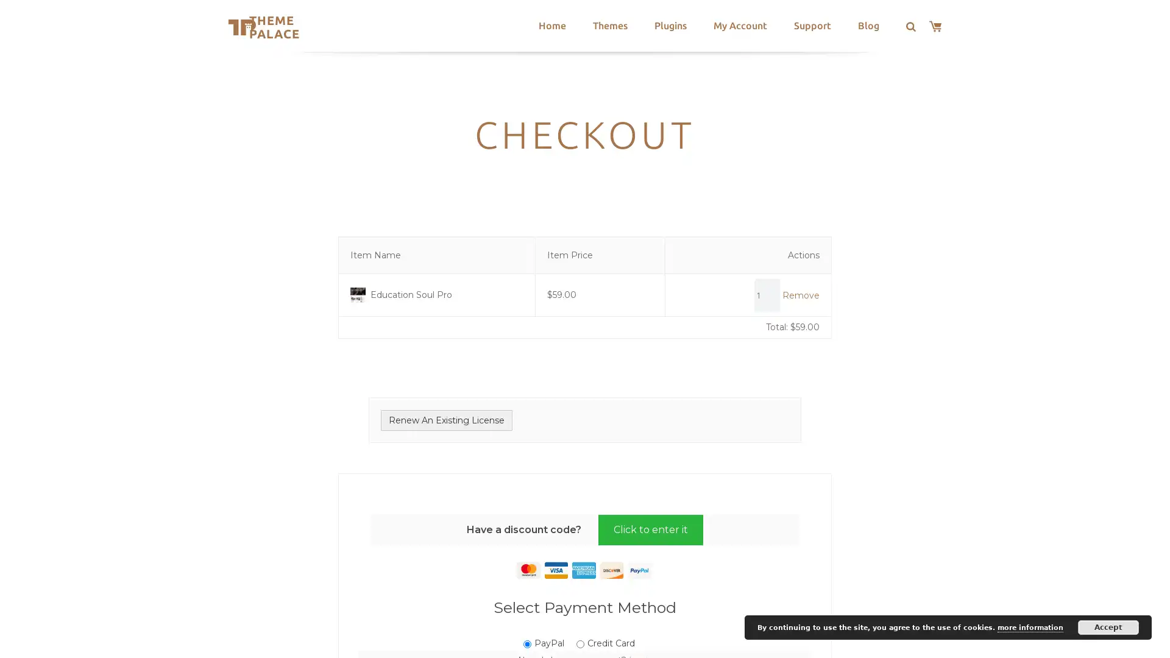  What do you see at coordinates (446, 419) in the screenshot?
I see `Renew An Existing License` at bounding box center [446, 419].